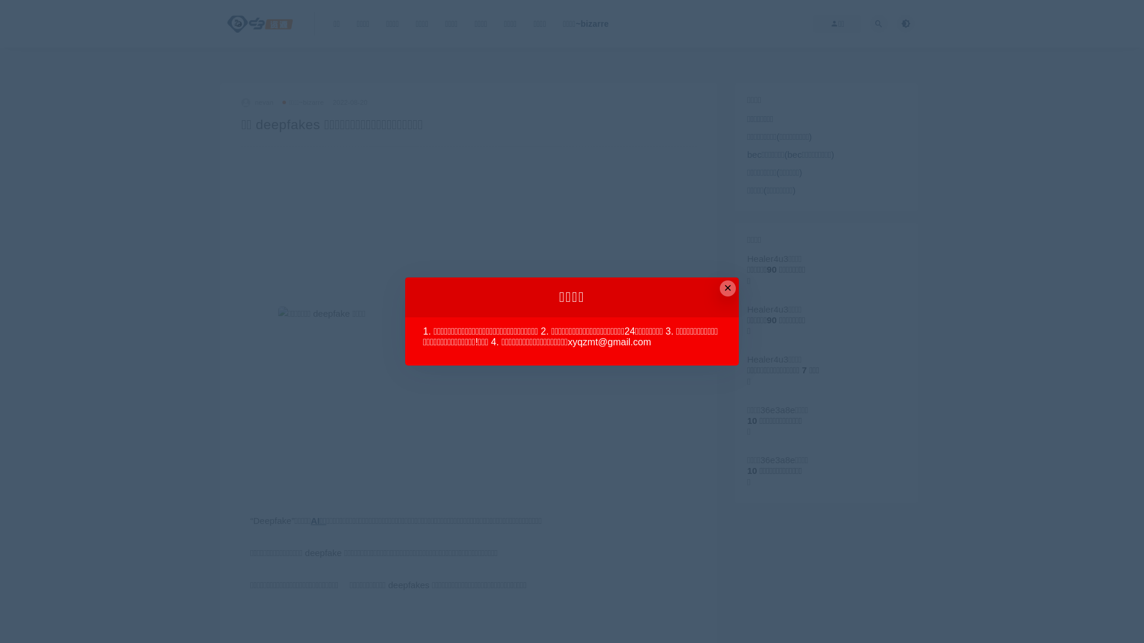 This screenshot has height=643, width=1144. Describe the element at coordinates (468, 221) in the screenshot. I see `'Advertisement'` at that location.